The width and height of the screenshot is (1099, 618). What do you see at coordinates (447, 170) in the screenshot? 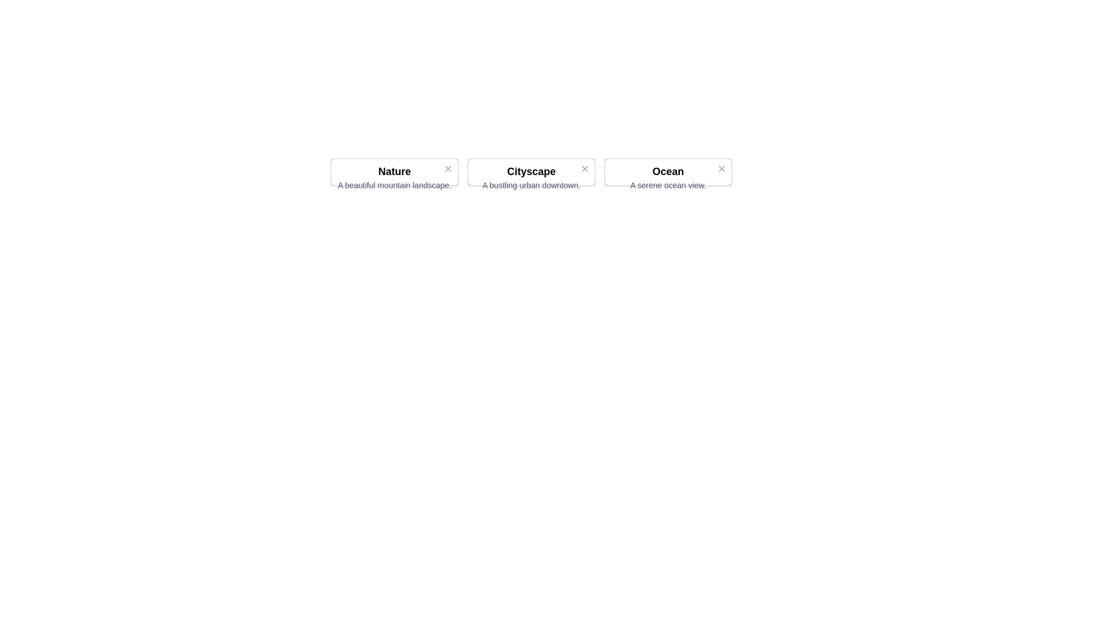
I see `the close/delete icon represented by an 'X' in the upper-right corner of the 'Nature' card` at bounding box center [447, 170].